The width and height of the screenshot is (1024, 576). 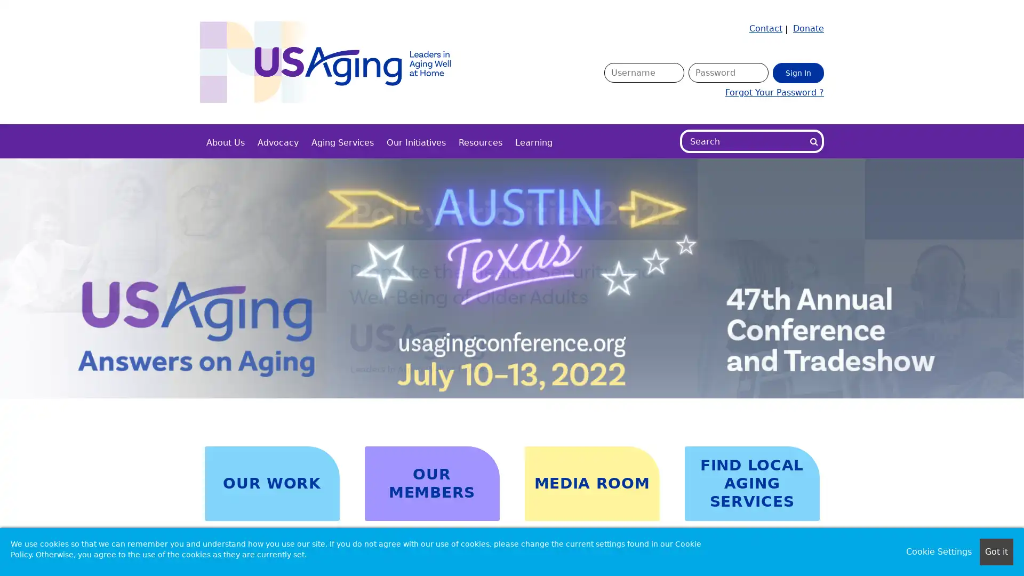 I want to click on Got it, so click(x=996, y=551).